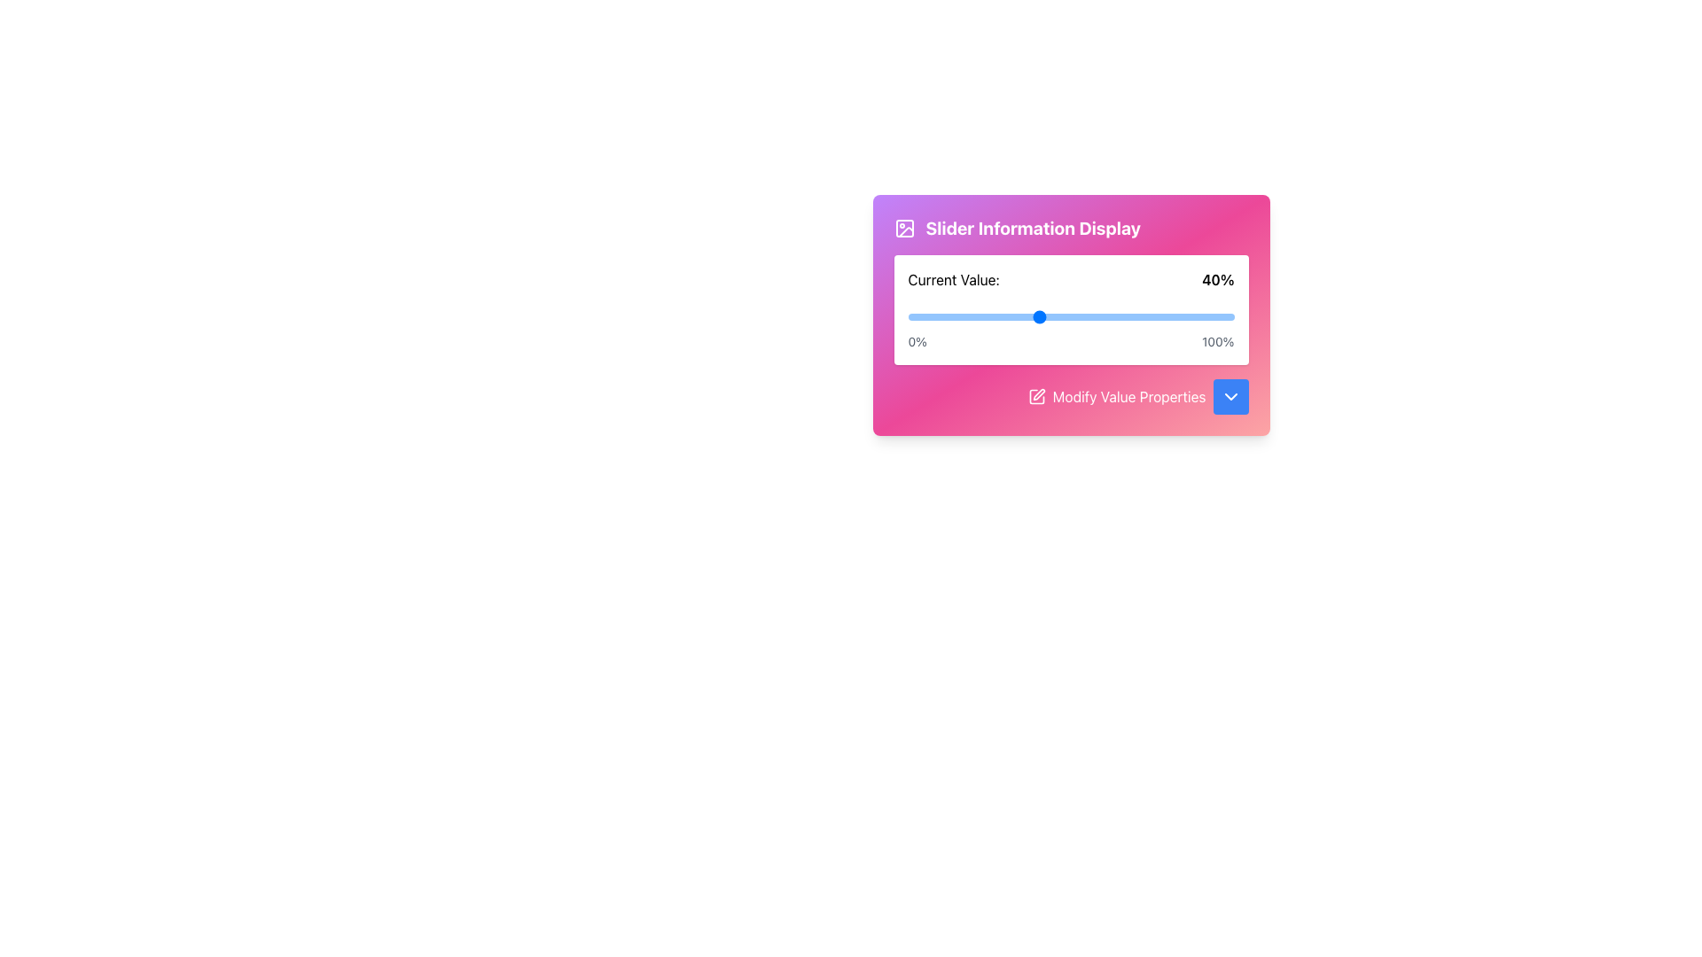 This screenshot has height=957, width=1702. Describe the element at coordinates (975, 316) in the screenshot. I see `the slider value` at that location.